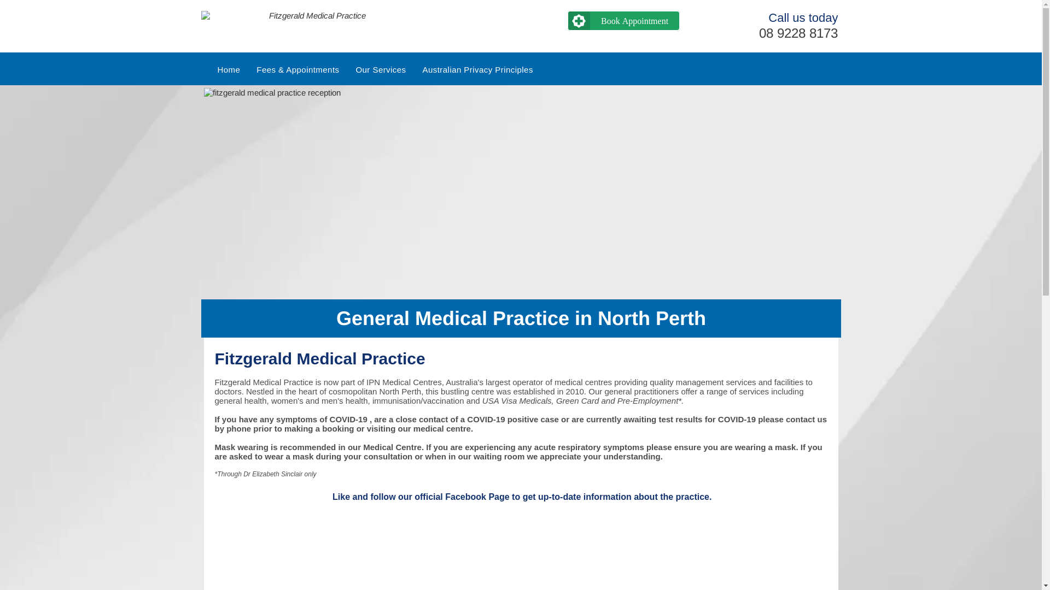  Describe the element at coordinates (346, 69) in the screenshot. I see `'Our Services'` at that location.